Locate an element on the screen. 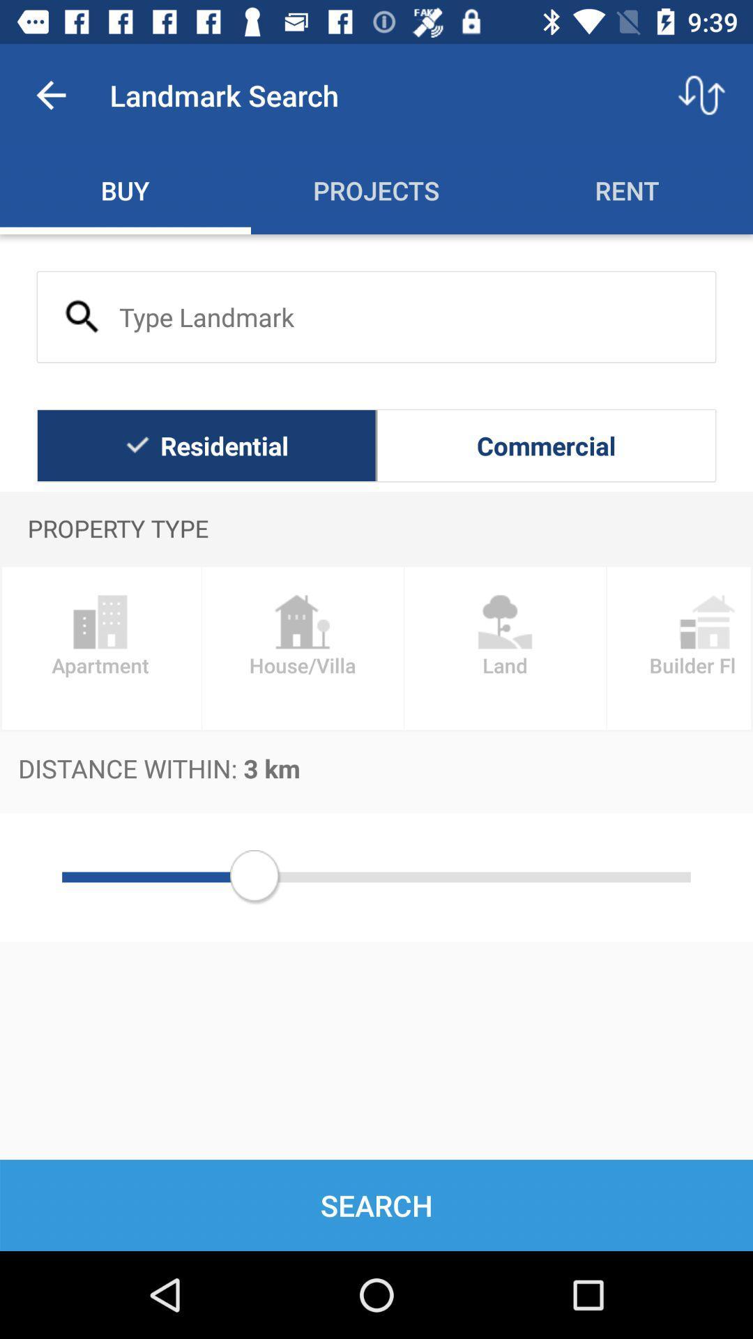 This screenshot has height=1339, width=753. the icon above the buy icon is located at coordinates (50, 94).